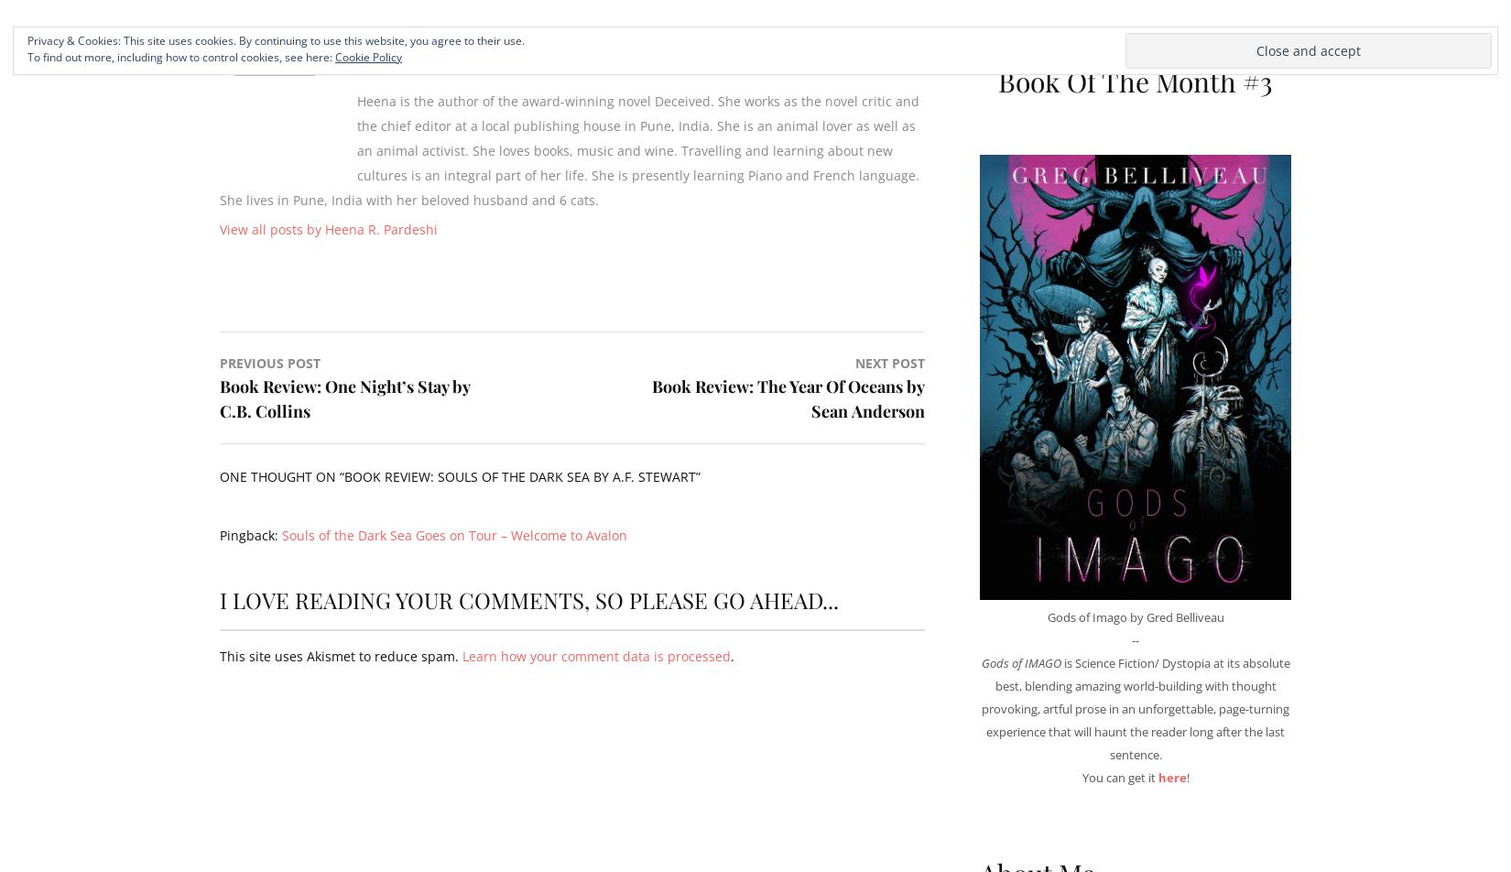  What do you see at coordinates (181, 57) in the screenshot?
I see `'To find out more, including how to control cookies, see here:'` at bounding box center [181, 57].